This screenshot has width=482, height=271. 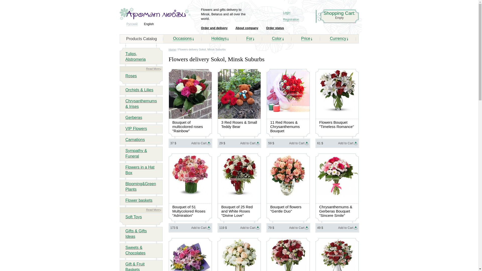 I want to click on 'Price', so click(x=306, y=38).